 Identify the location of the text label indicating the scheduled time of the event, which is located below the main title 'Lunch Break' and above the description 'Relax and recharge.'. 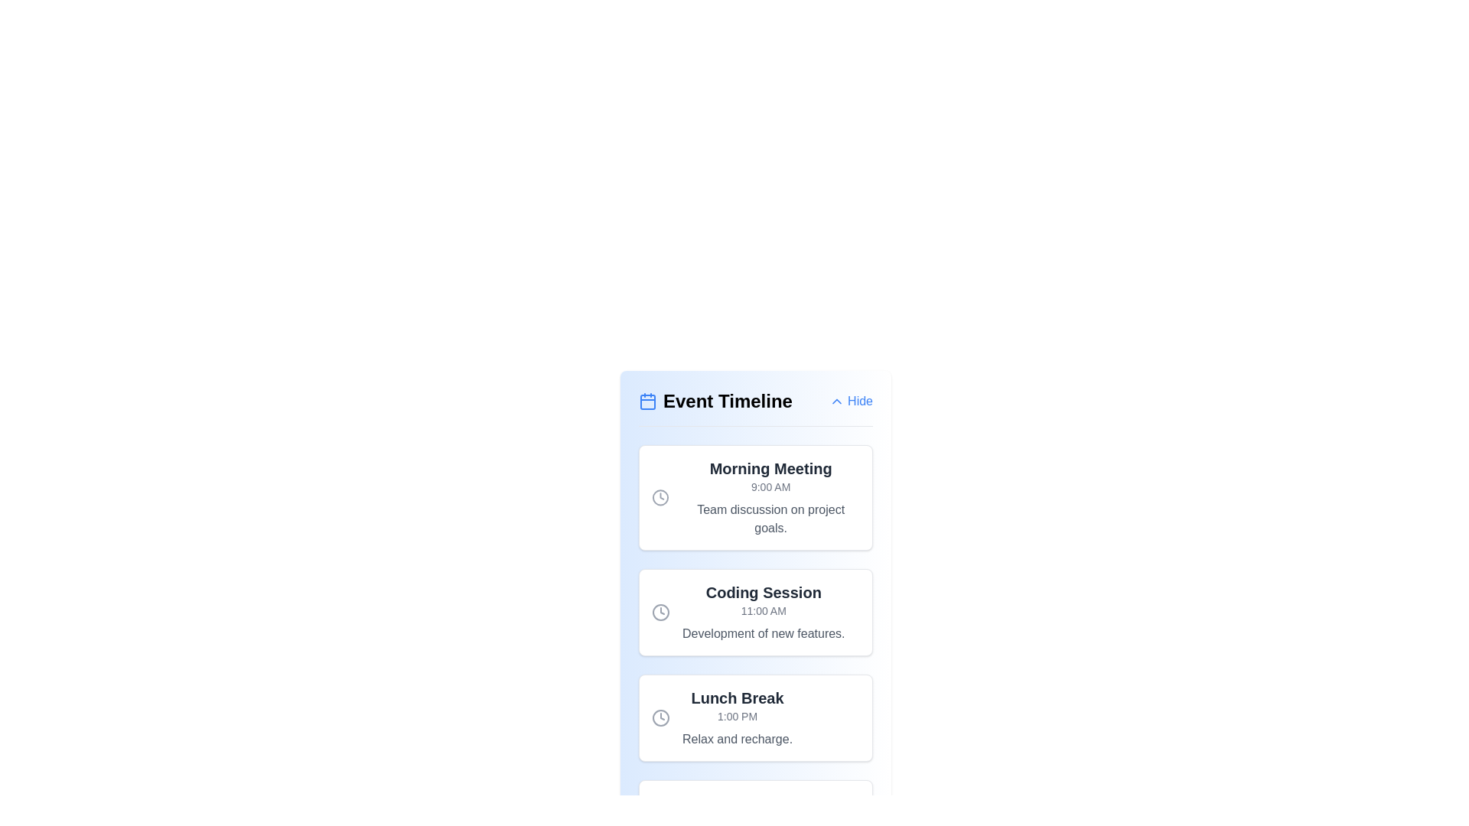
(738, 717).